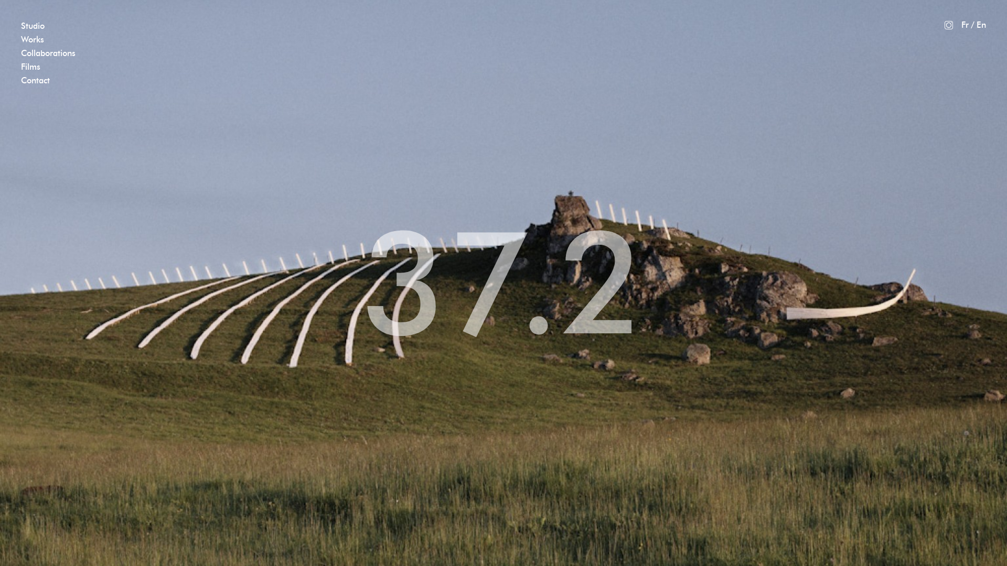 The height and width of the screenshot is (566, 1007). I want to click on 'Fr', so click(965, 24).